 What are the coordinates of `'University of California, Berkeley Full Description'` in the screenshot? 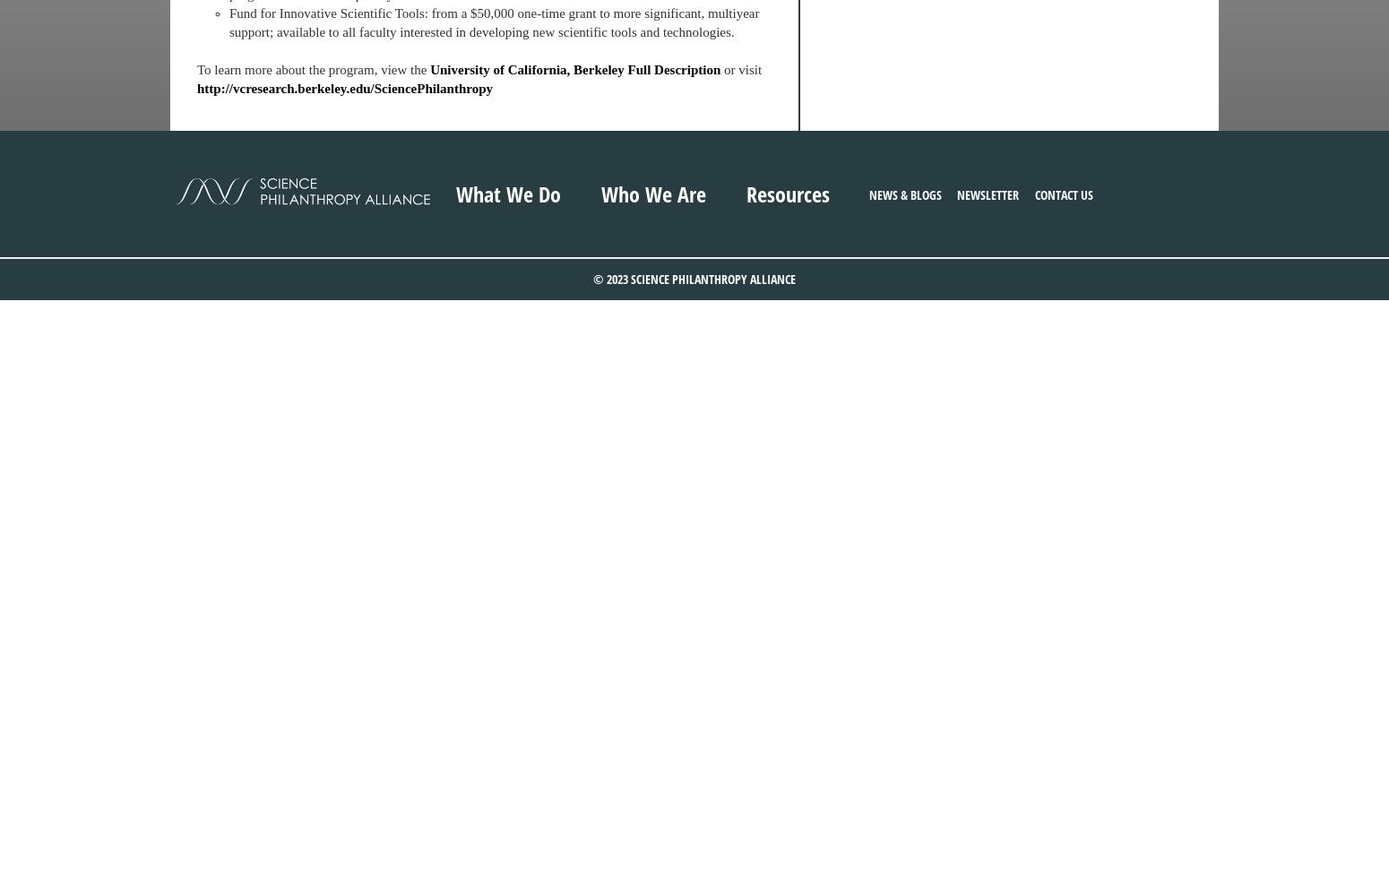 It's located at (574, 69).